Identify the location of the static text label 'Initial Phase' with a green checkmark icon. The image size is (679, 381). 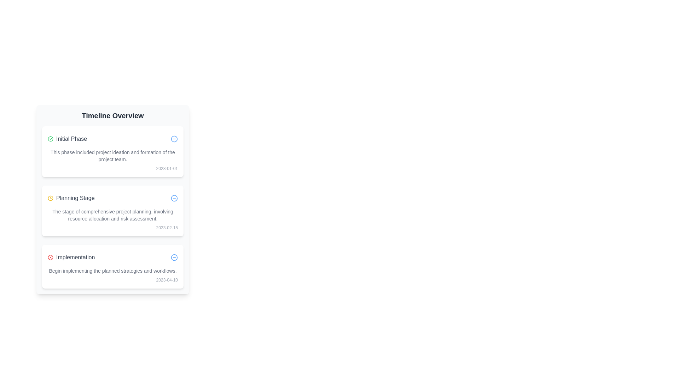
(67, 139).